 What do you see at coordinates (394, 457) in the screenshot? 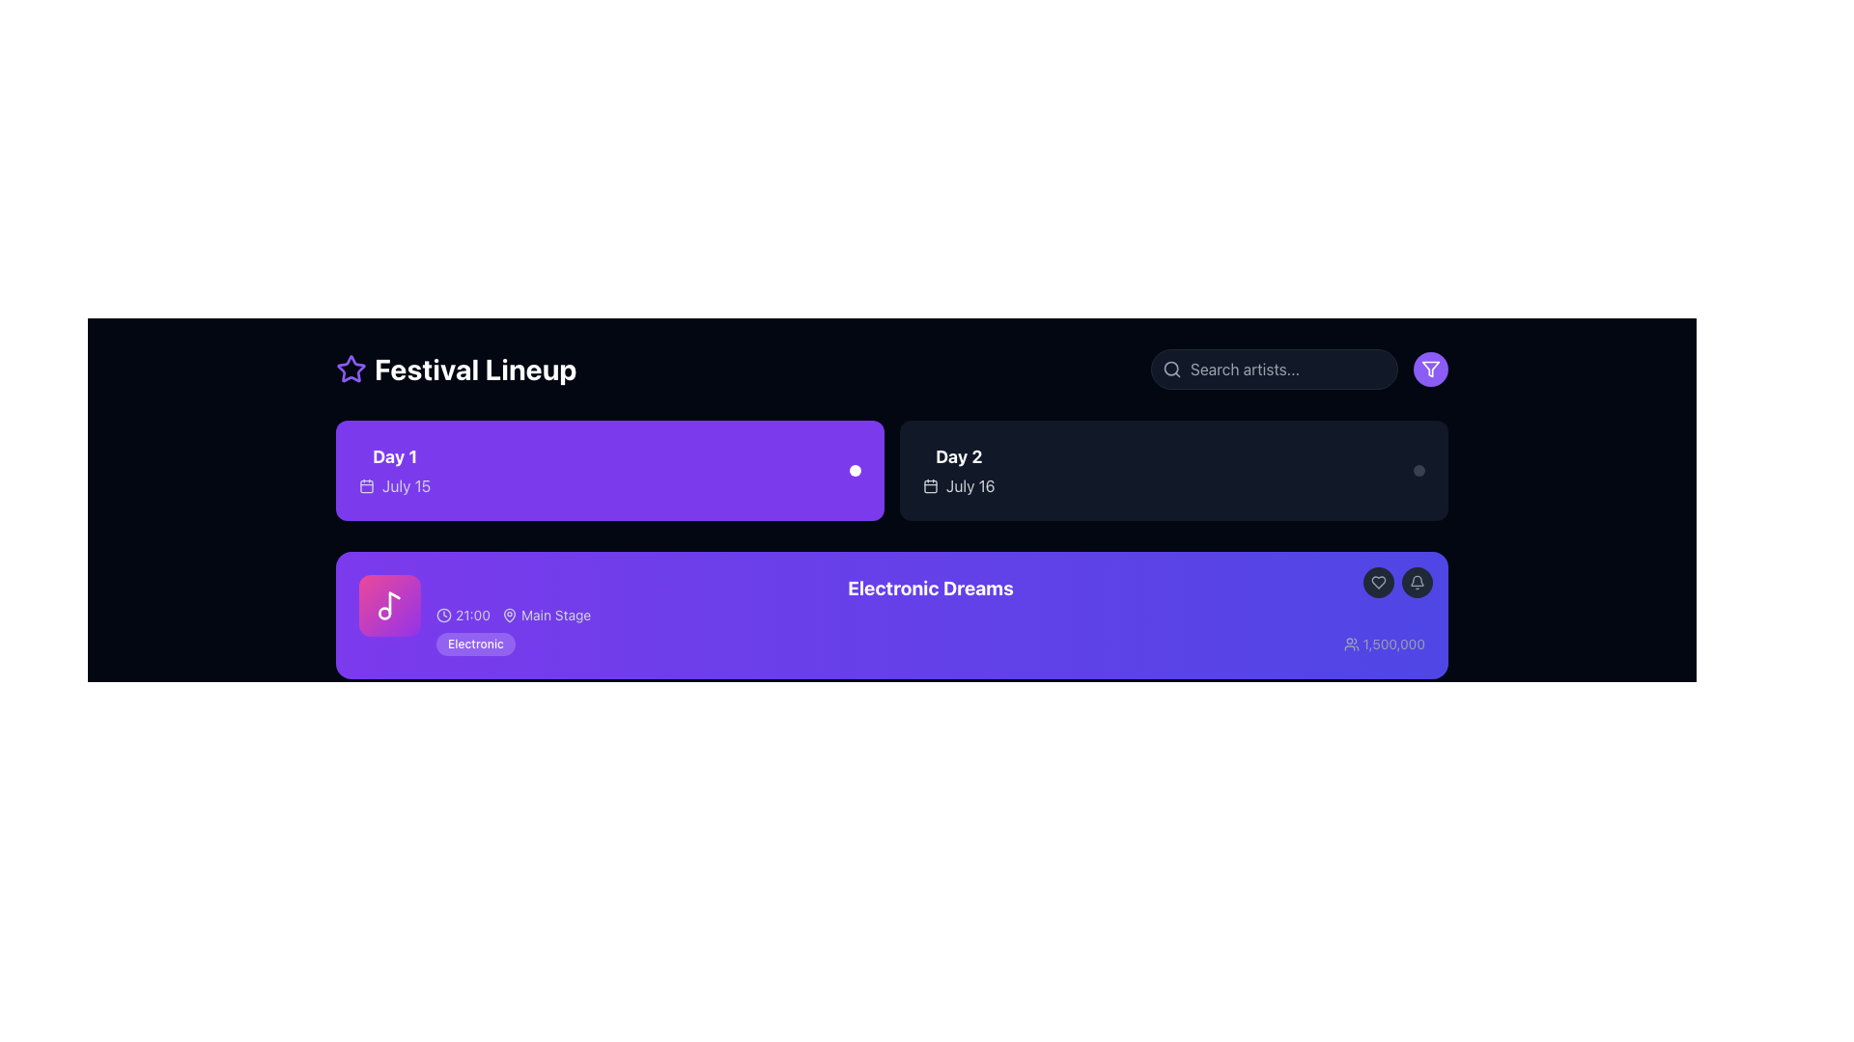
I see `the header text element indicating a specific day, located in the upper-left corner of a purple card, above the text 'July 15'` at bounding box center [394, 457].